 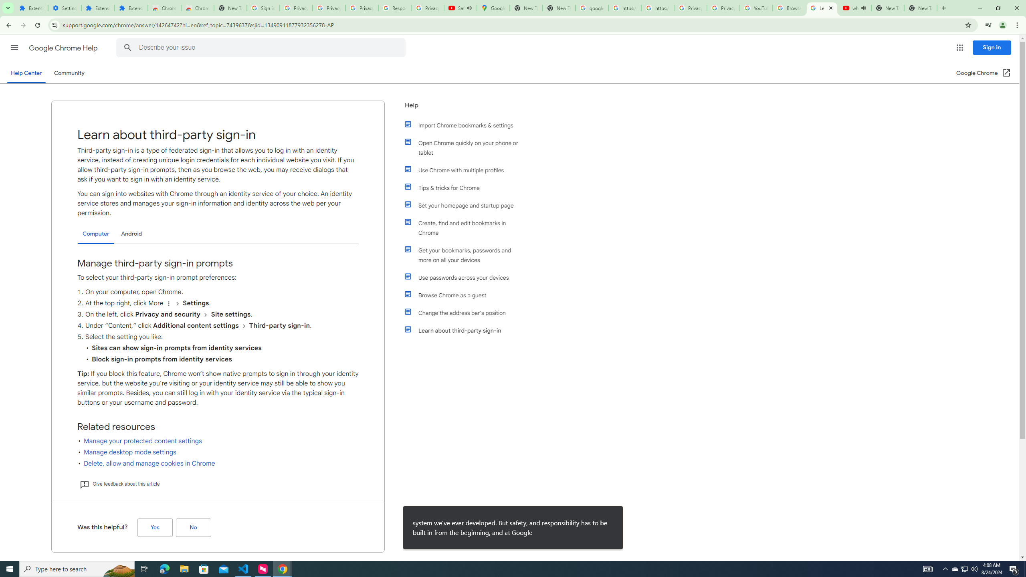 I want to click on 'Manage desktop mode settings', so click(x=130, y=452).